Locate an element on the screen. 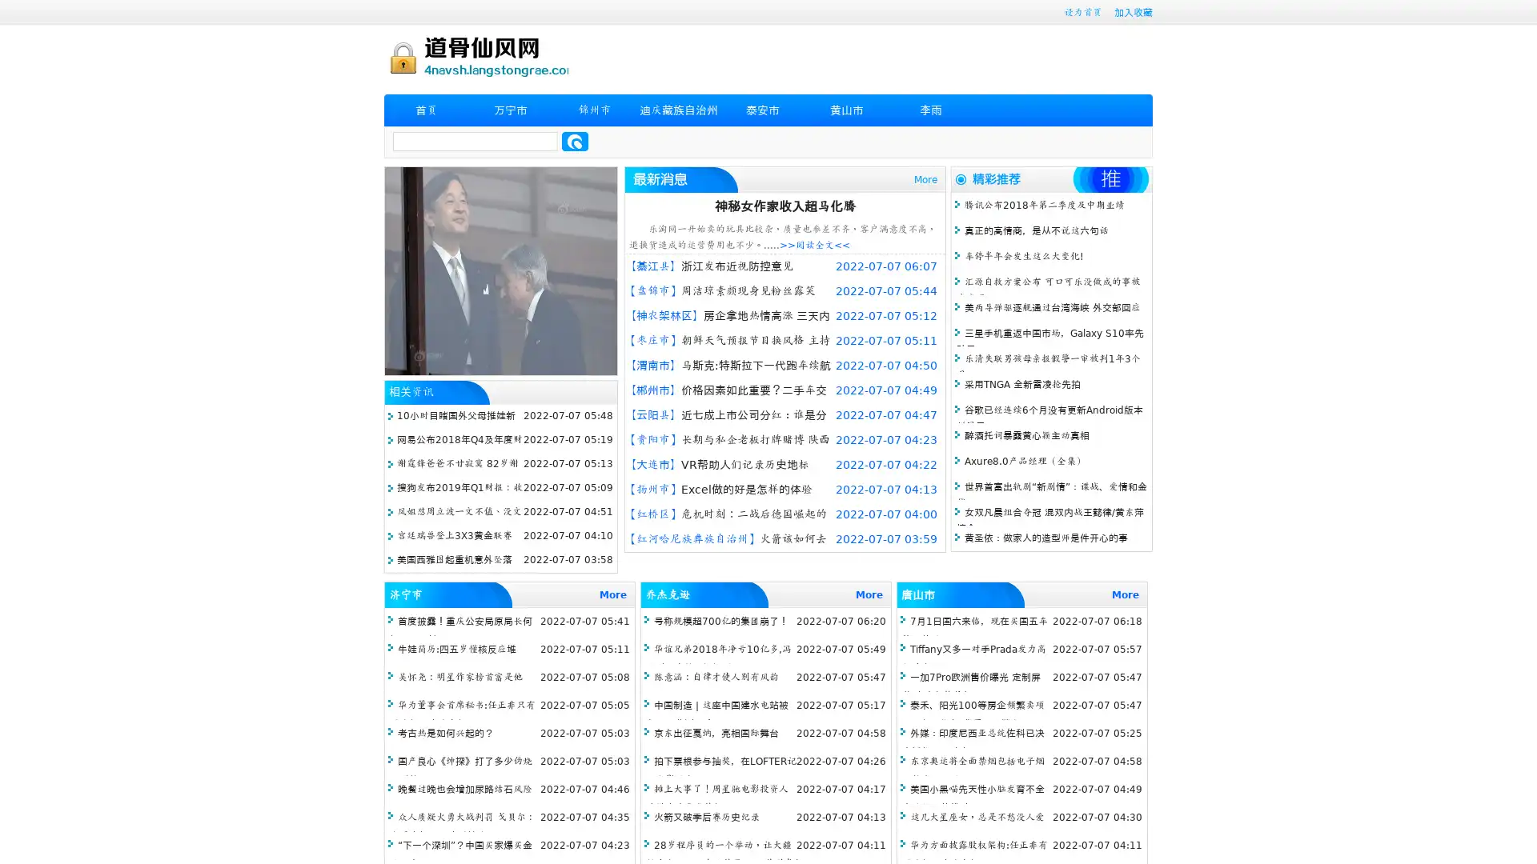 The height and width of the screenshot is (864, 1537). Search is located at coordinates (575, 141).